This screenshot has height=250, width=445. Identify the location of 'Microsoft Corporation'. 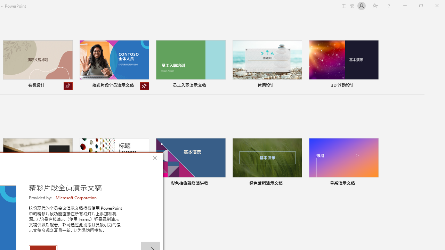
(76, 198).